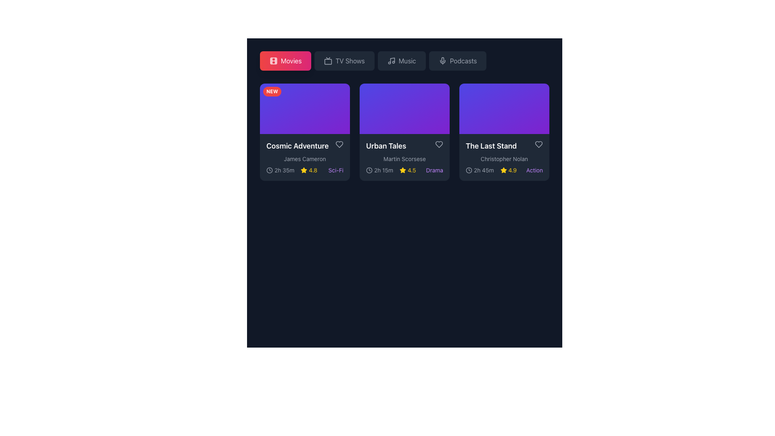  What do you see at coordinates (383, 170) in the screenshot?
I see `the text label displaying '2h 15m', which is styled in a subtle gray font and located in the bottom-left corner of the middle card in a horizontally aligned set of cards` at bounding box center [383, 170].